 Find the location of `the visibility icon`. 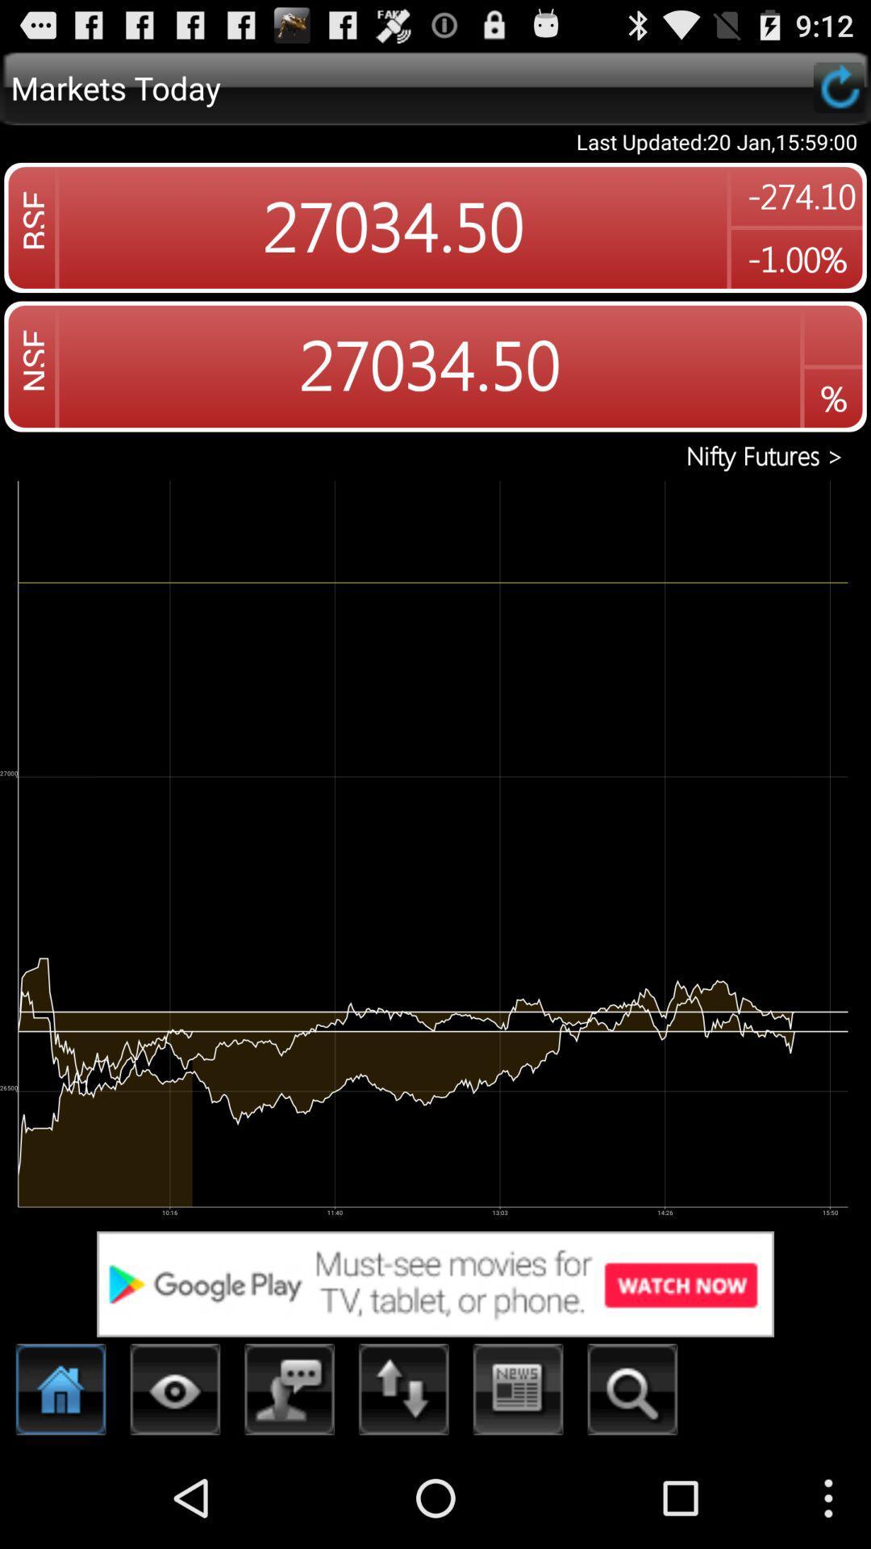

the visibility icon is located at coordinates (175, 1491).